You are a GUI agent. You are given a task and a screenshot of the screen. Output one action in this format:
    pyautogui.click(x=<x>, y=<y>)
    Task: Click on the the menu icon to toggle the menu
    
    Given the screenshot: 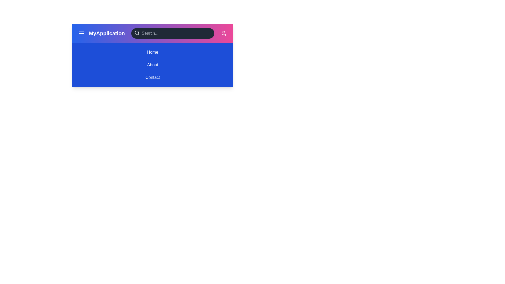 What is the action you would take?
    pyautogui.click(x=81, y=33)
    